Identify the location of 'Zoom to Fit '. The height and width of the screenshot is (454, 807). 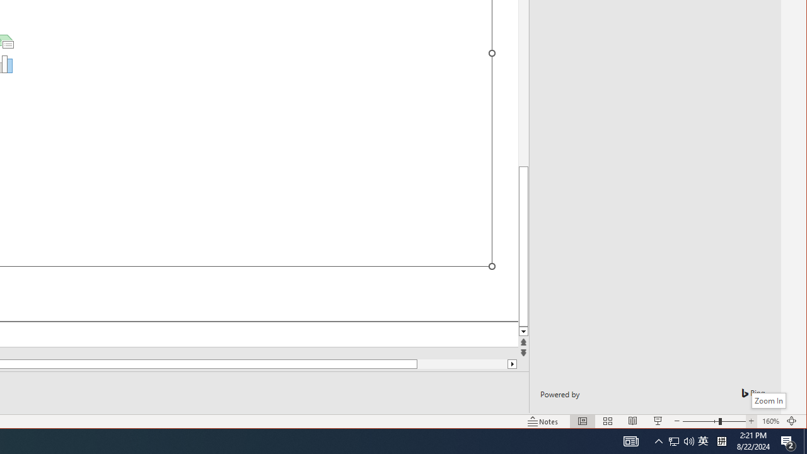
(804, 440).